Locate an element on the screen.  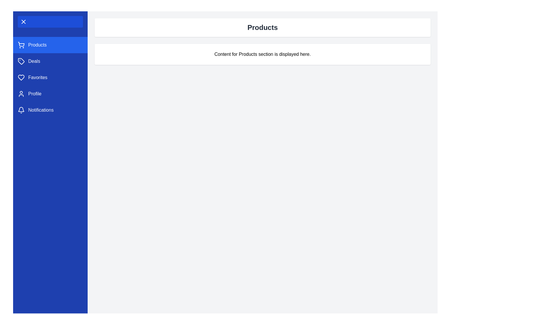
the shopping cart icon located to the left of the 'Products' text in the vertical navigation menu is located at coordinates (21, 44).